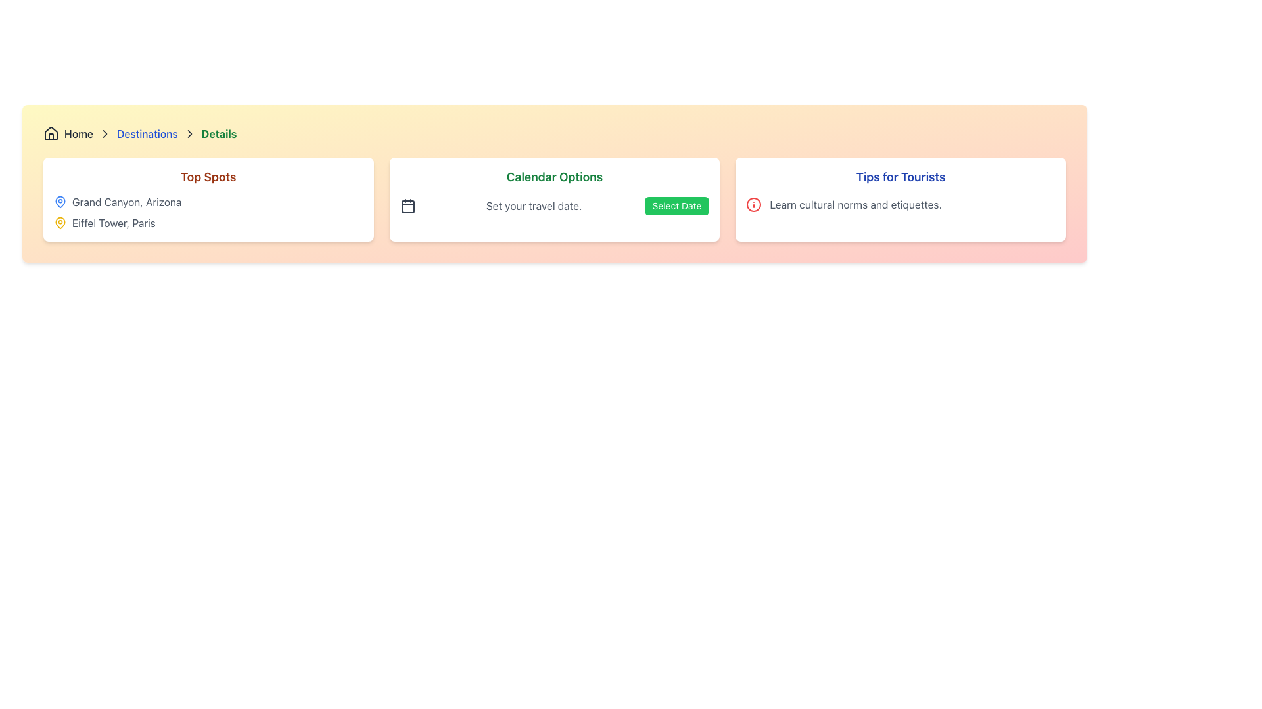 This screenshot has width=1262, height=709. Describe the element at coordinates (900, 177) in the screenshot. I see `the title text element 'Tips for Tourists' which is displayed in a bold blue font at the top-center of its card` at that location.